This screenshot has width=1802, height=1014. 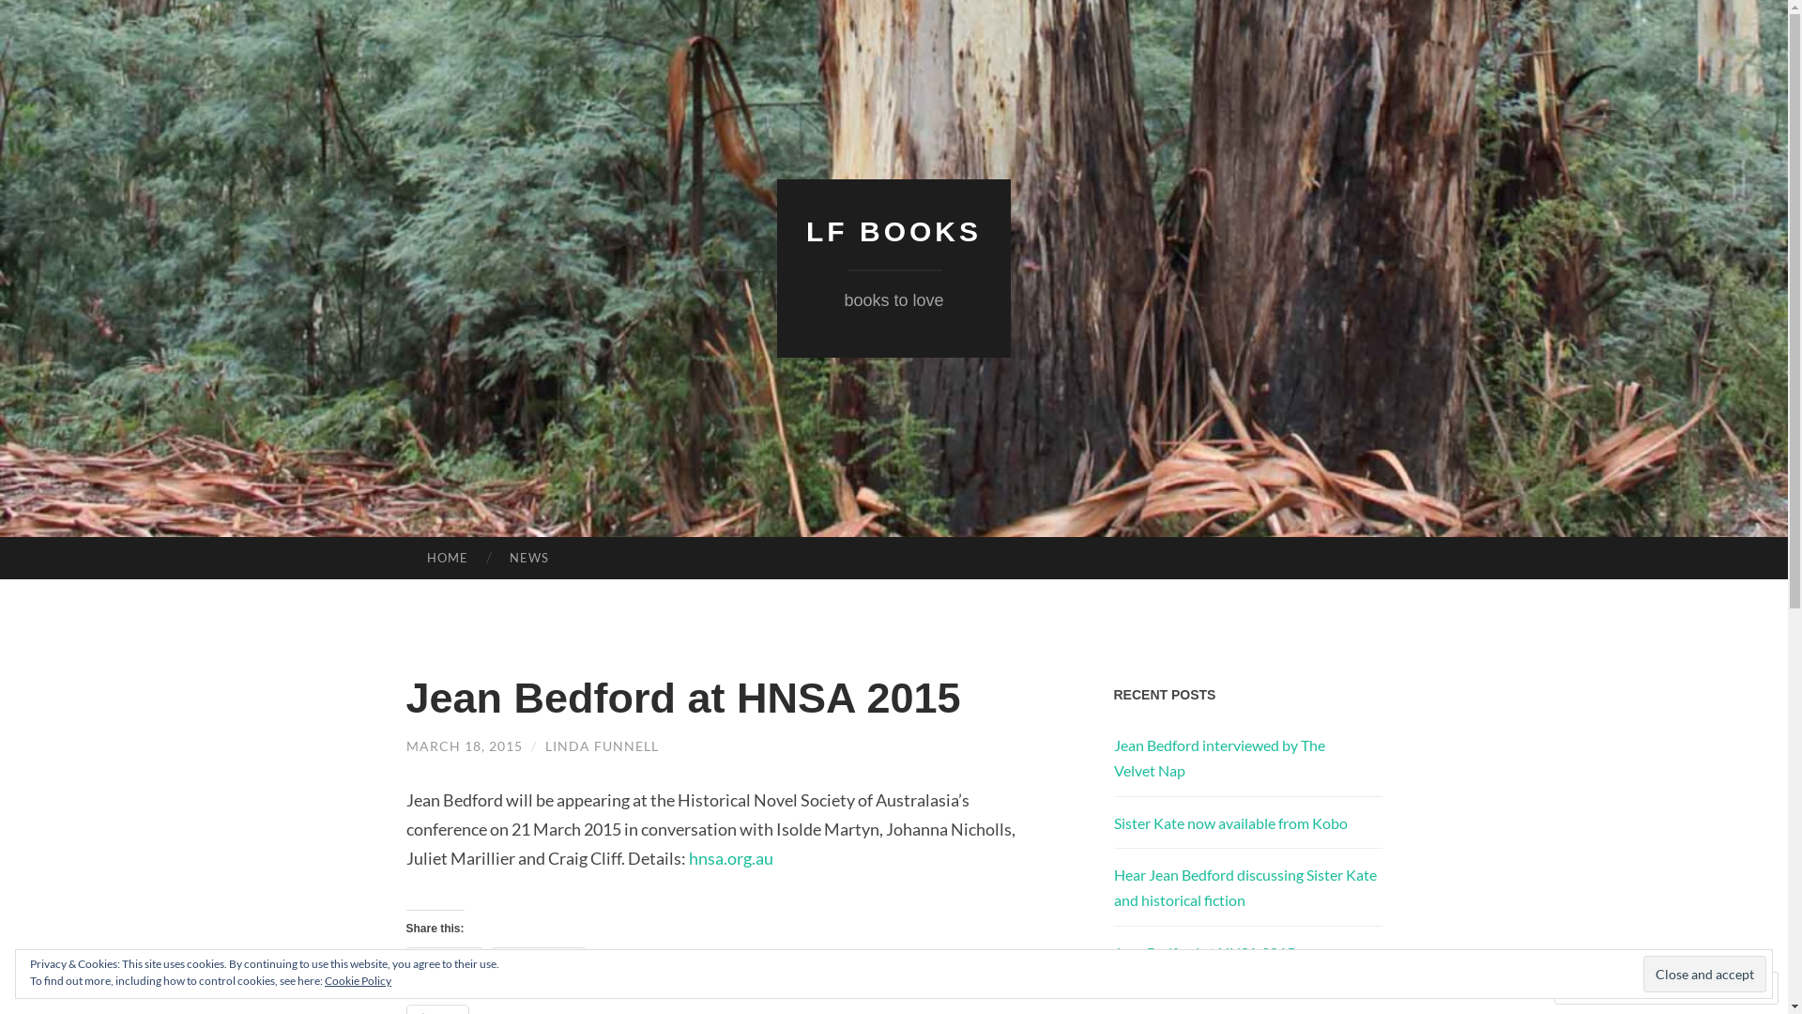 I want to click on 'Sister Kate now available from Kobo', so click(x=1229, y=822).